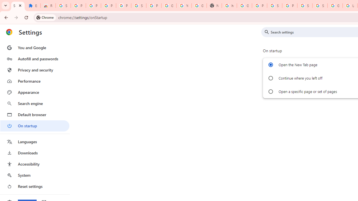  What do you see at coordinates (34, 114) in the screenshot?
I see `'Default browser'` at bounding box center [34, 114].